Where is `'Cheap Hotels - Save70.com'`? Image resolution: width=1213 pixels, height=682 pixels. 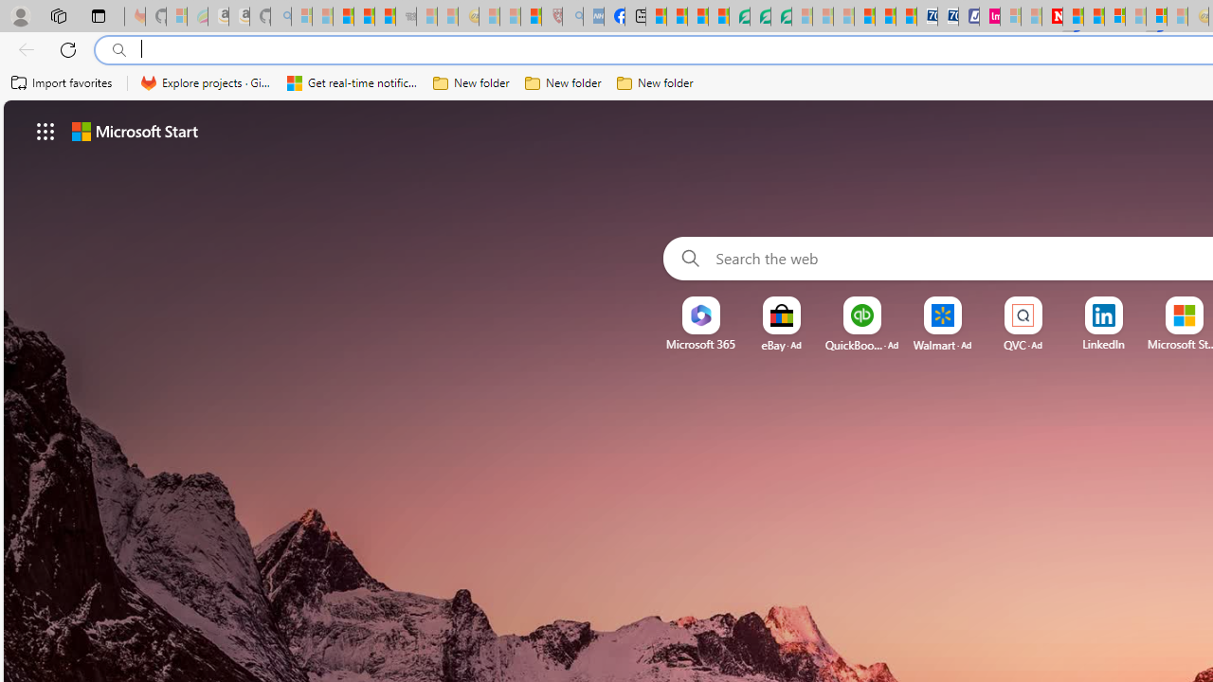
'Cheap Hotels - Save70.com' is located at coordinates (948, 16).